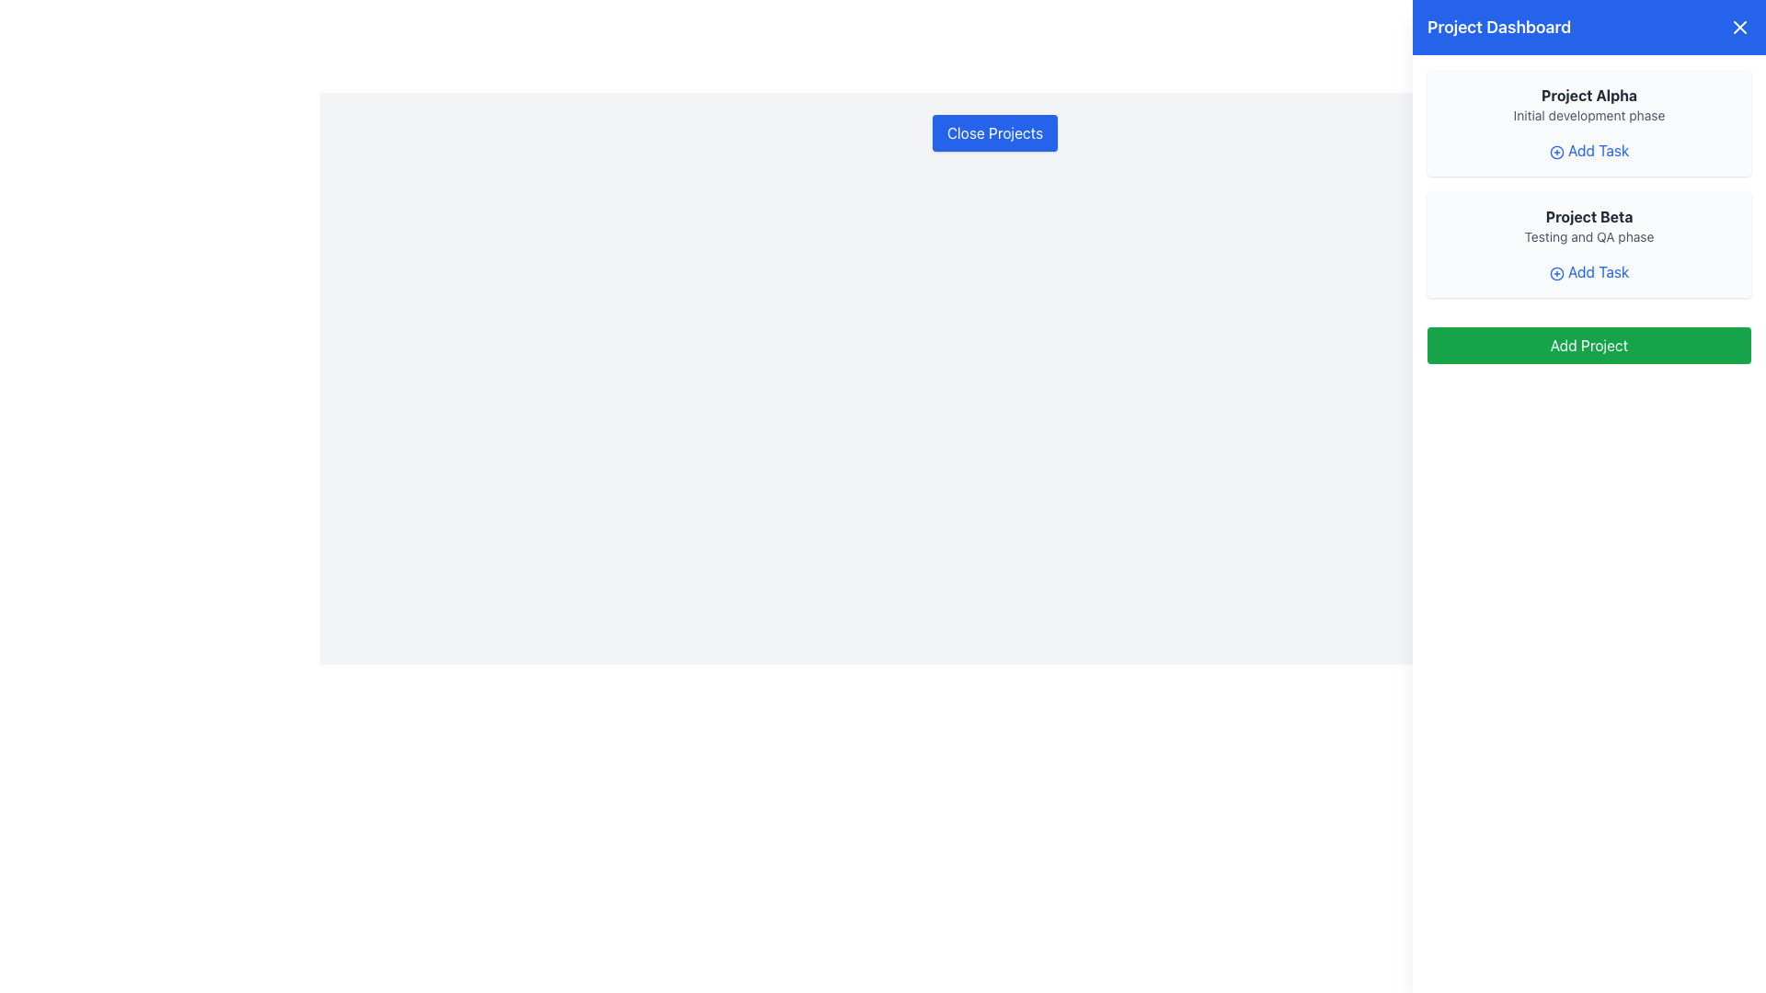 This screenshot has width=1766, height=993. What do you see at coordinates (1588, 96) in the screenshot?
I see `the bold text label displaying 'Project Alpha' at the top of its card layout` at bounding box center [1588, 96].